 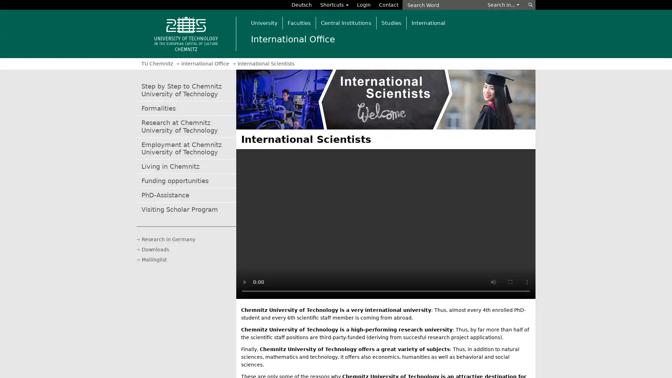 What do you see at coordinates (428, 22) in the screenshot?
I see `International` at bounding box center [428, 22].